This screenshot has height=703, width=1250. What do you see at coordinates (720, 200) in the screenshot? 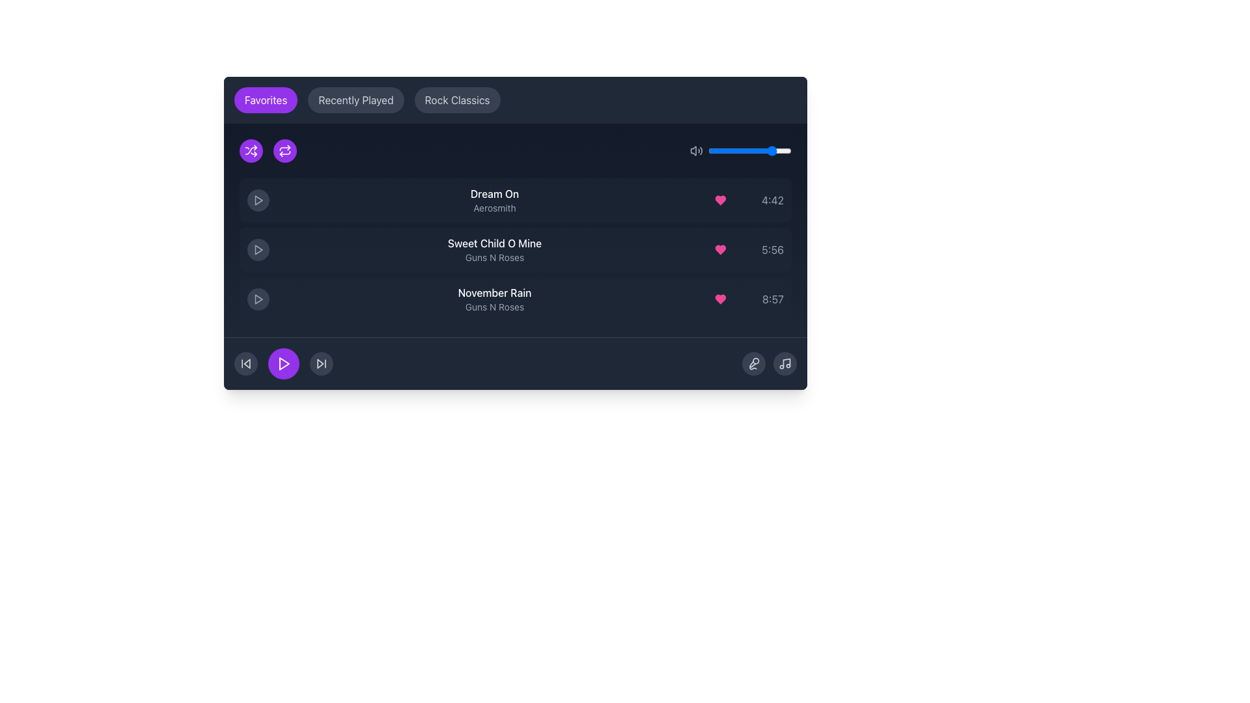
I see `the favorite button located near the right edge of the first song row ('Dream On') in the song list` at bounding box center [720, 200].